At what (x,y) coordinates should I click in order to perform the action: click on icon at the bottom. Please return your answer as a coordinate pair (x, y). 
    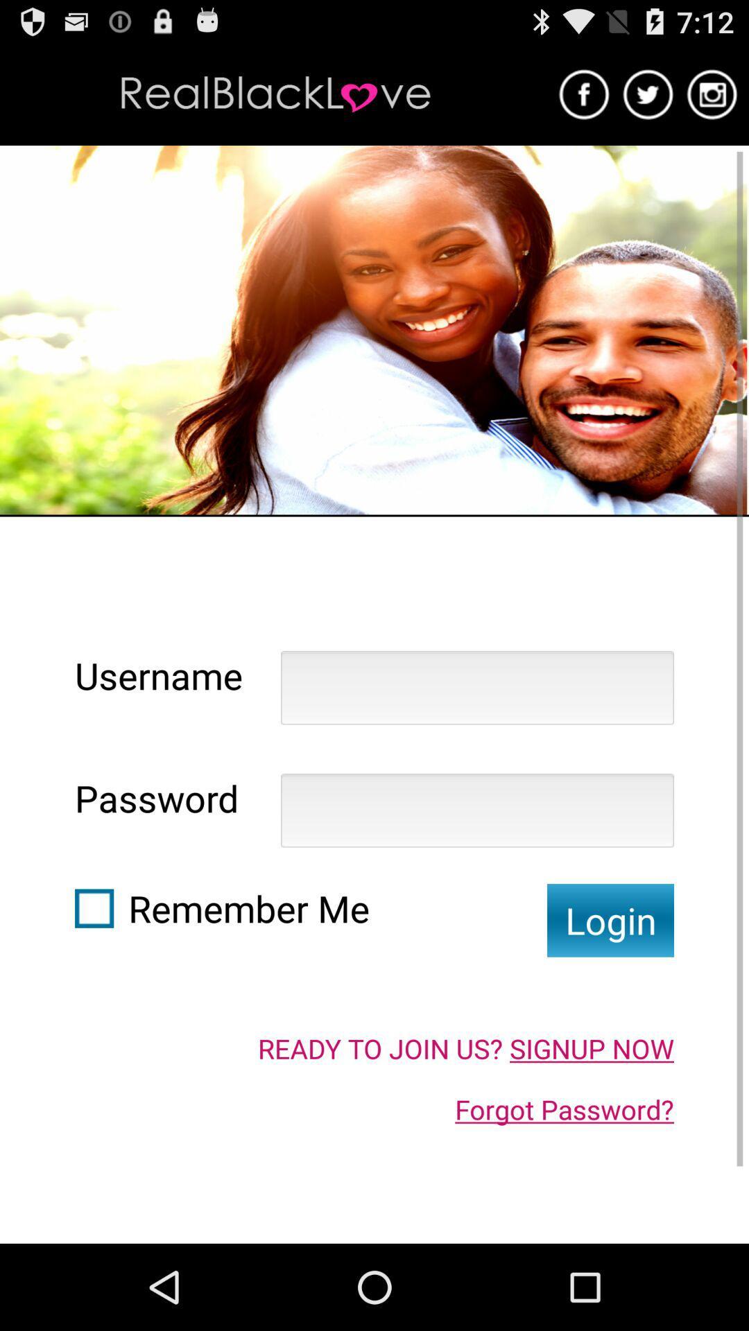
    Looking at the image, I should click on (465, 1048).